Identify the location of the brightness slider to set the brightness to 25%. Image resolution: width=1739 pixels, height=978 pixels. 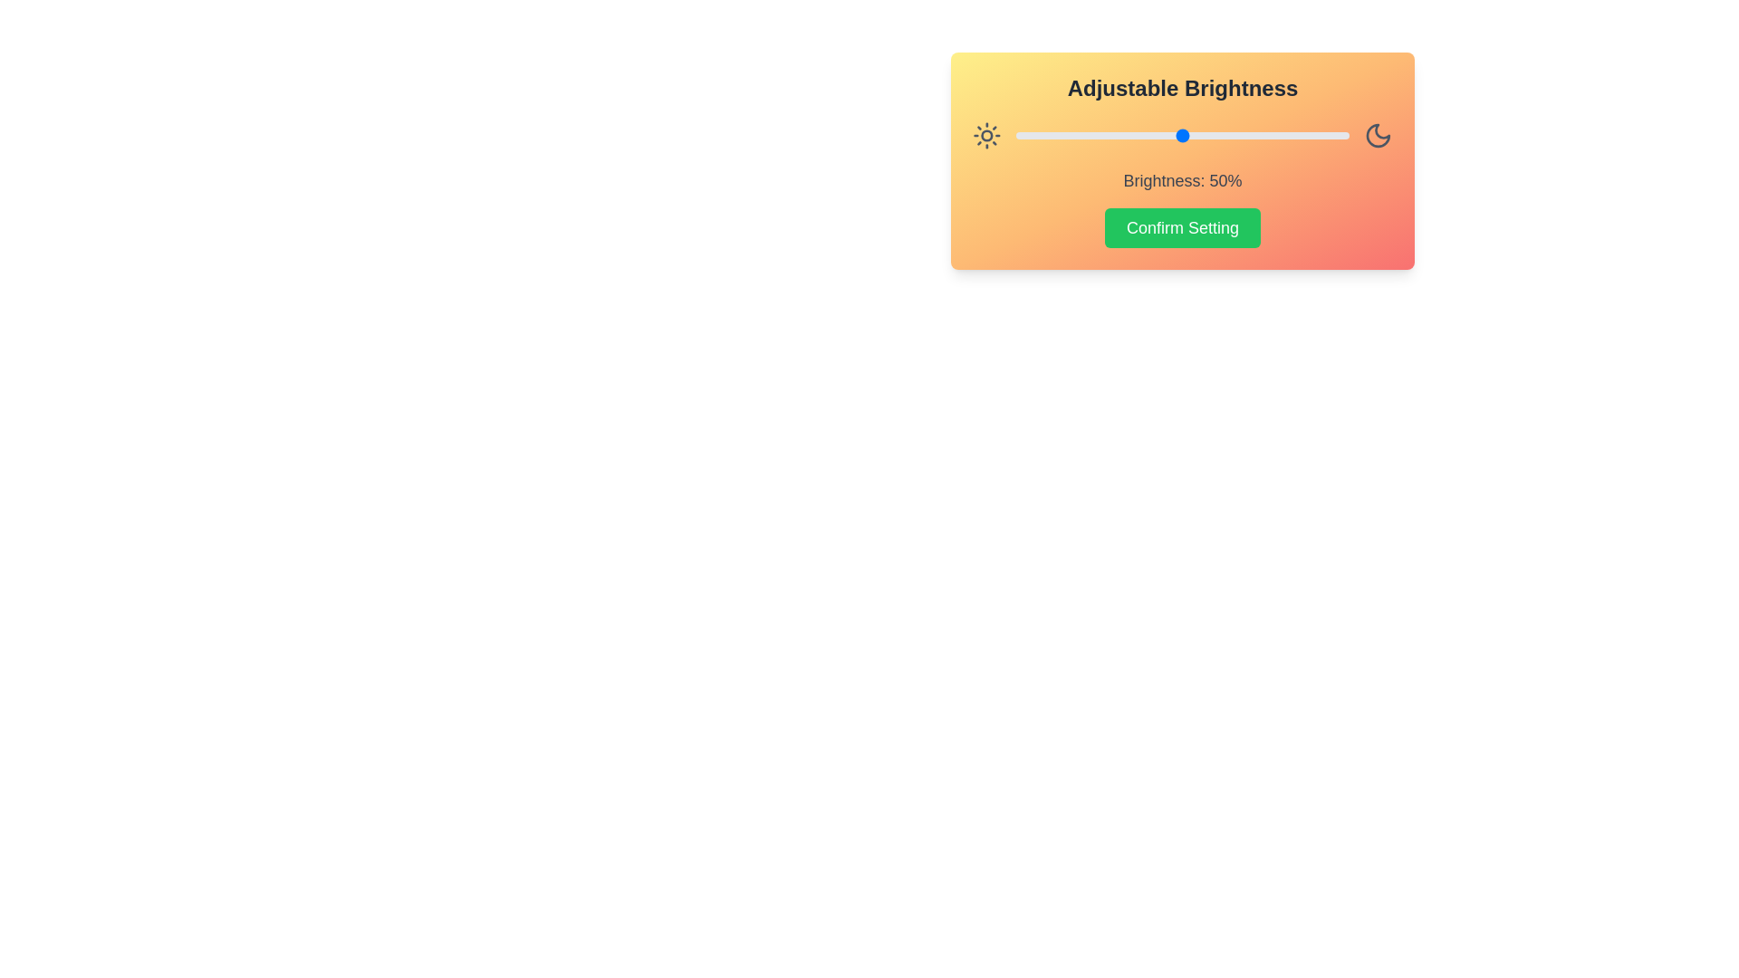
(1098, 135).